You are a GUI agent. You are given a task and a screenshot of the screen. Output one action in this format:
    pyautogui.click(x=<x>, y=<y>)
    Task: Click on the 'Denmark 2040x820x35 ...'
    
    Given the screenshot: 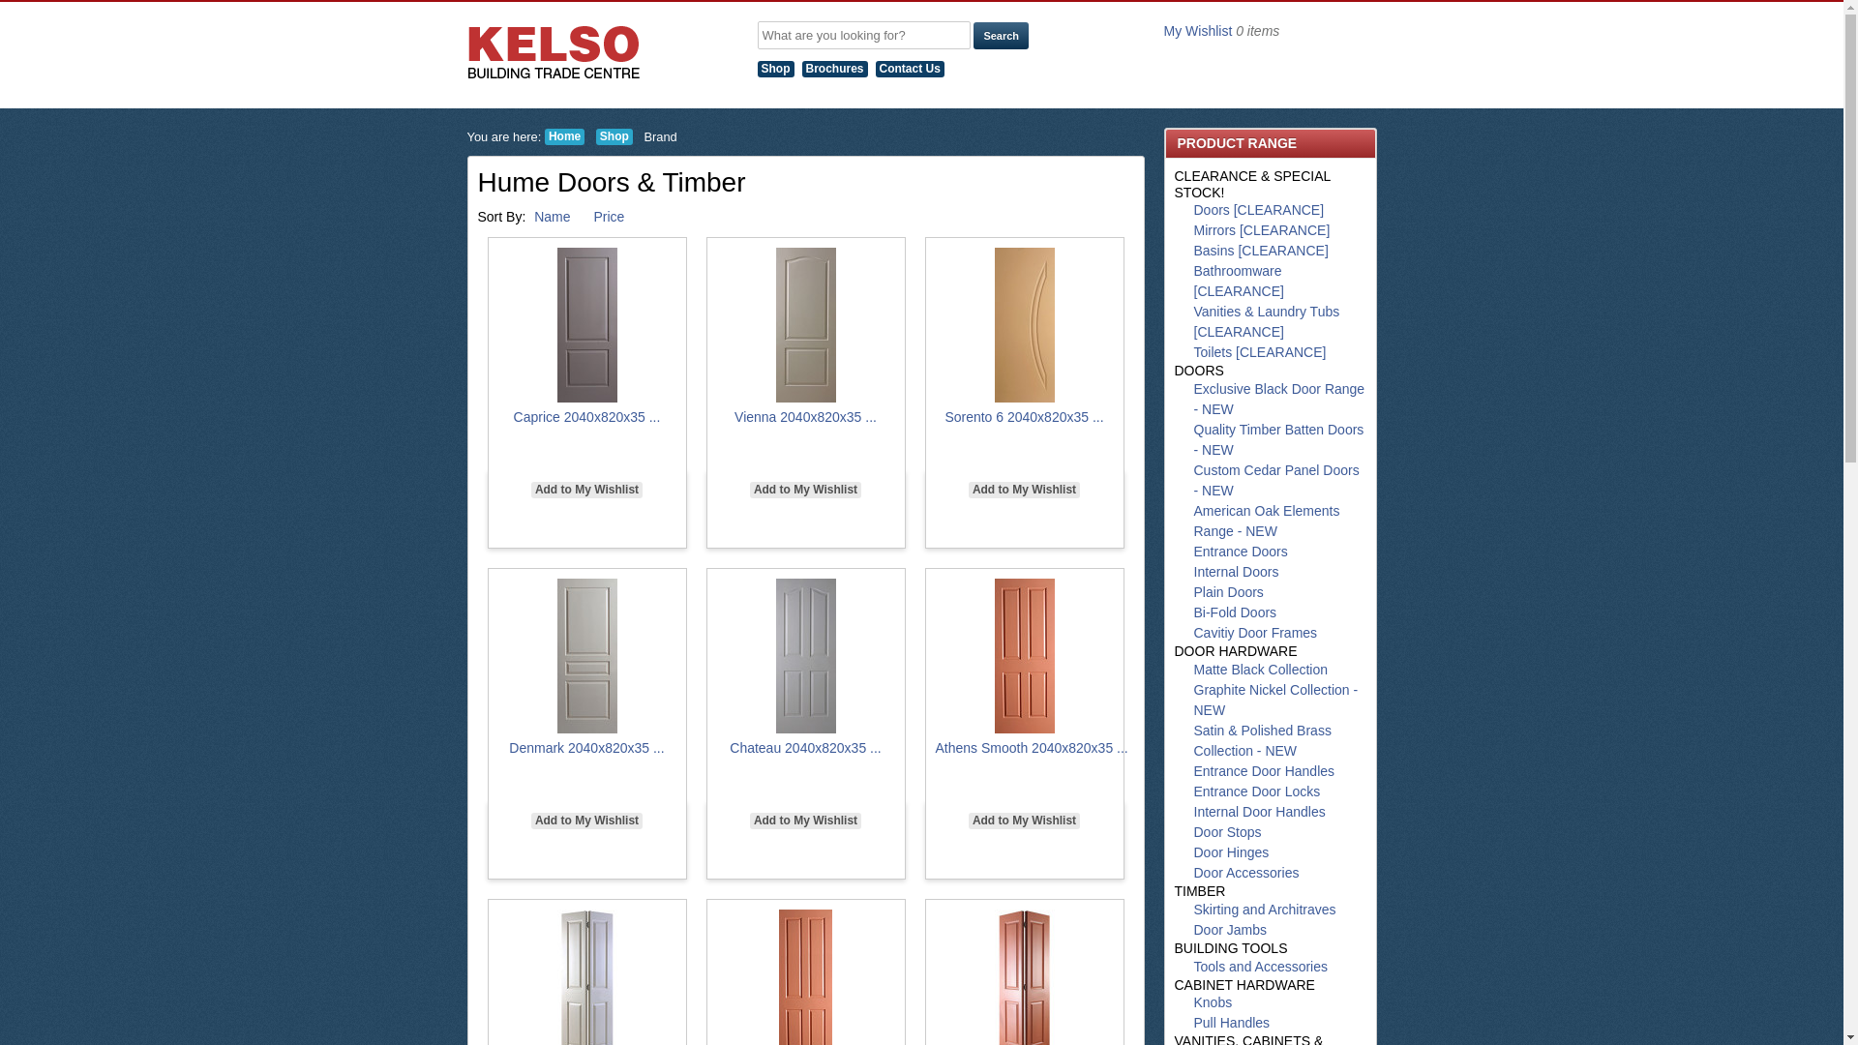 What is the action you would take?
    pyautogui.click(x=584, y=746)
    